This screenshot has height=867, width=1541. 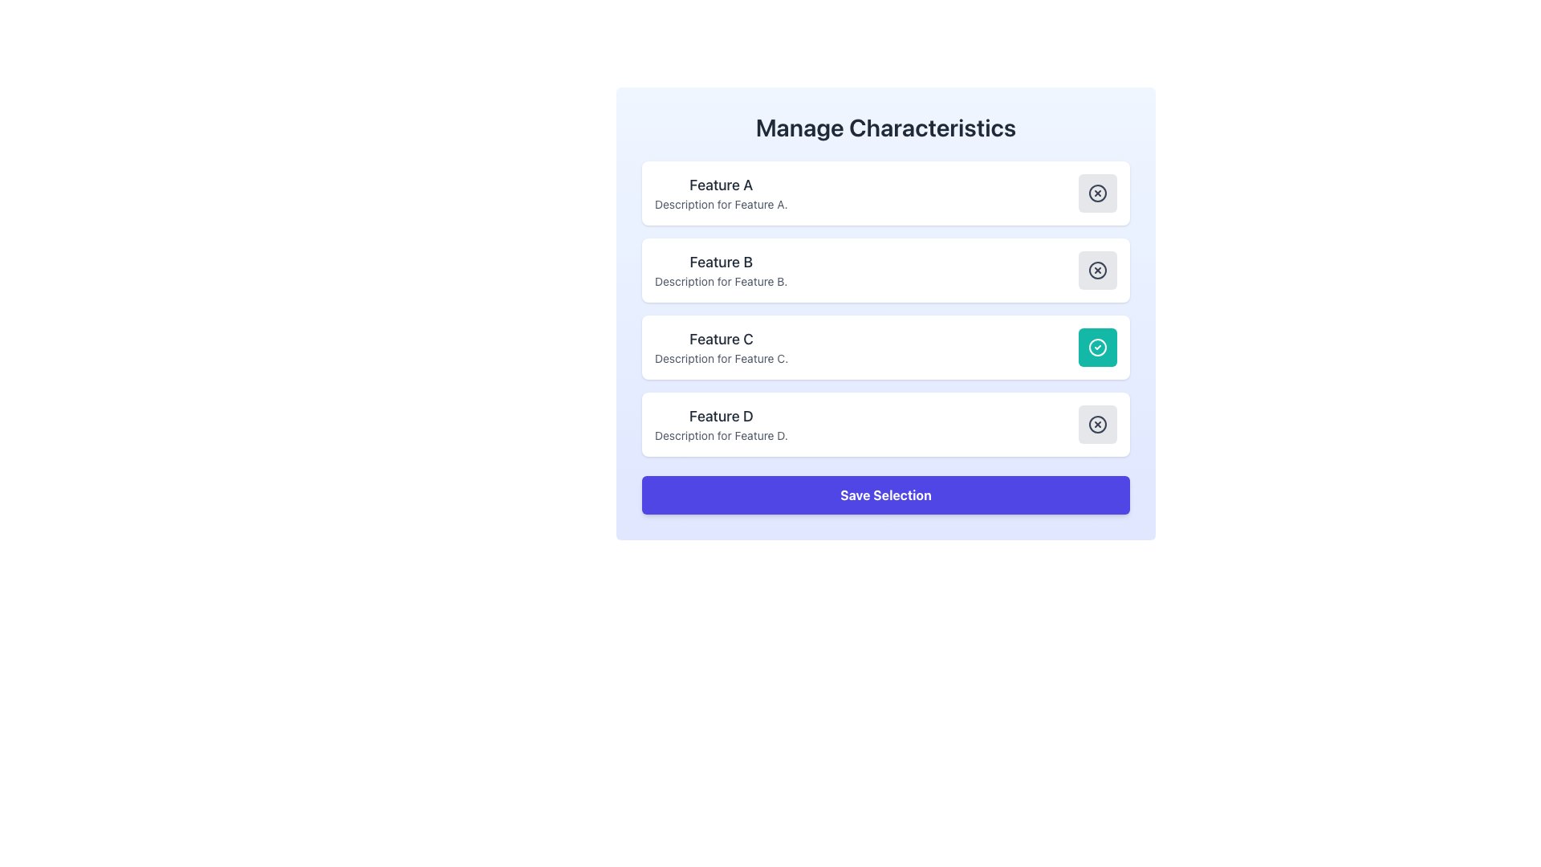 I want to click on the circular gray button with a dark 'X' icon located on the far-right of the Feature B row to observe potential visual feedback, so click(x=1097, y=269).